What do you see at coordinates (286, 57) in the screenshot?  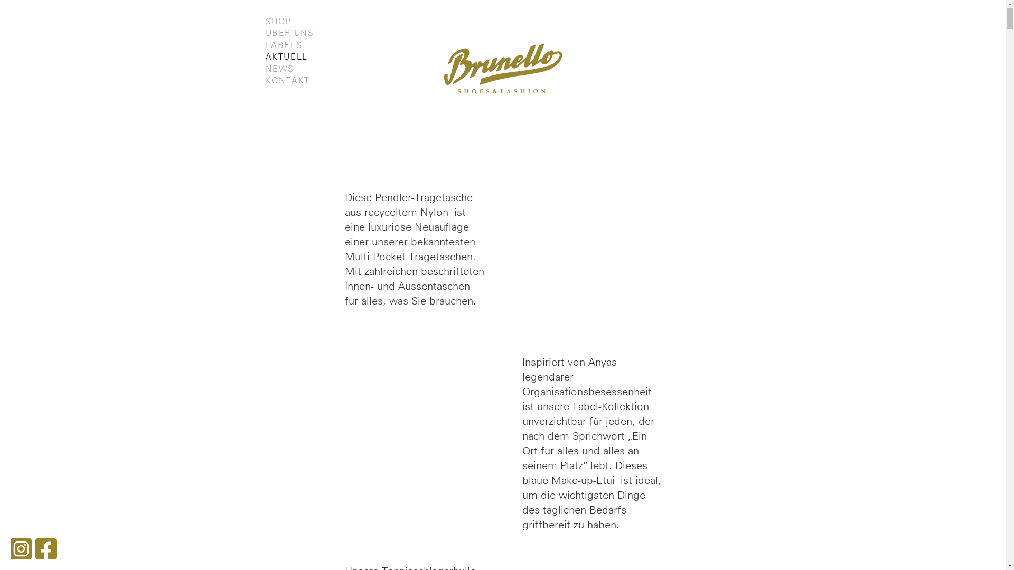 I see `'AKTUELL'` at bounding box center [286, 57].